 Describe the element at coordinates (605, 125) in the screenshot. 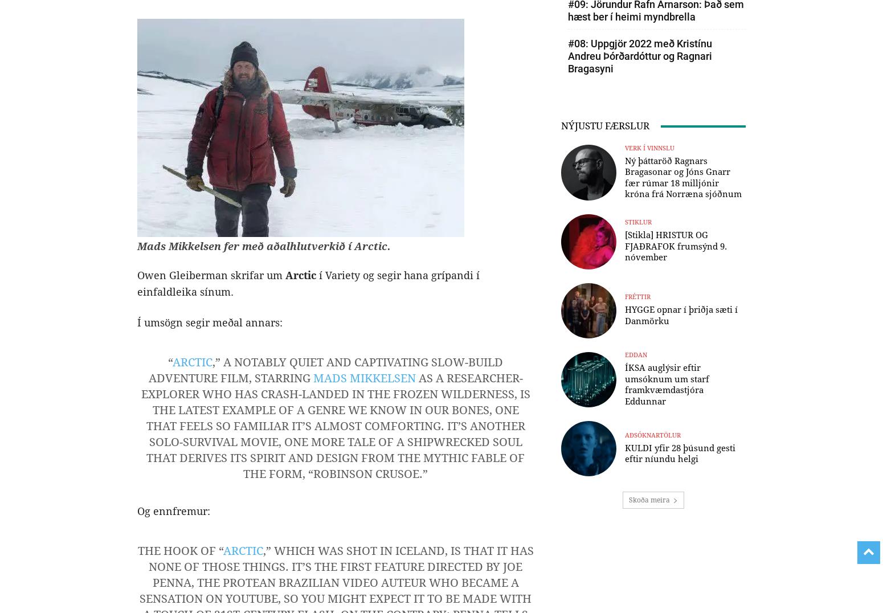

I see `'NÝJUSTU FÆRSLUR'` at that location.